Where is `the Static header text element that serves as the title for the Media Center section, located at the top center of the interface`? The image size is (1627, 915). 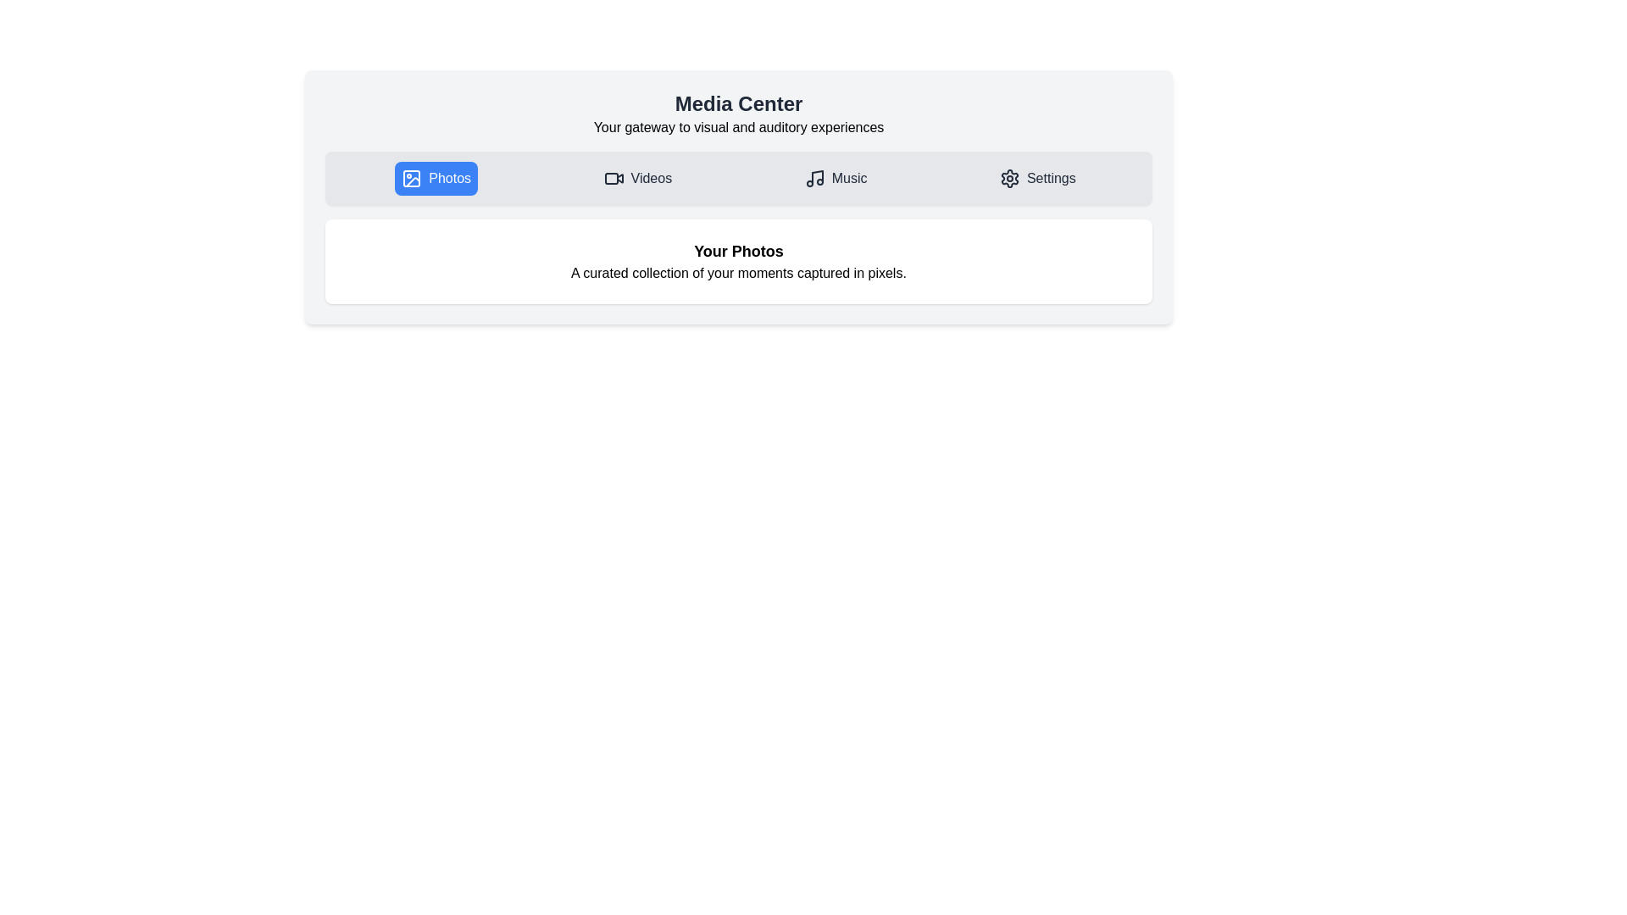 the Static header text element that serves as the title for the Media Center section, located at the top center of the interface is located at coordinates (739, 104).